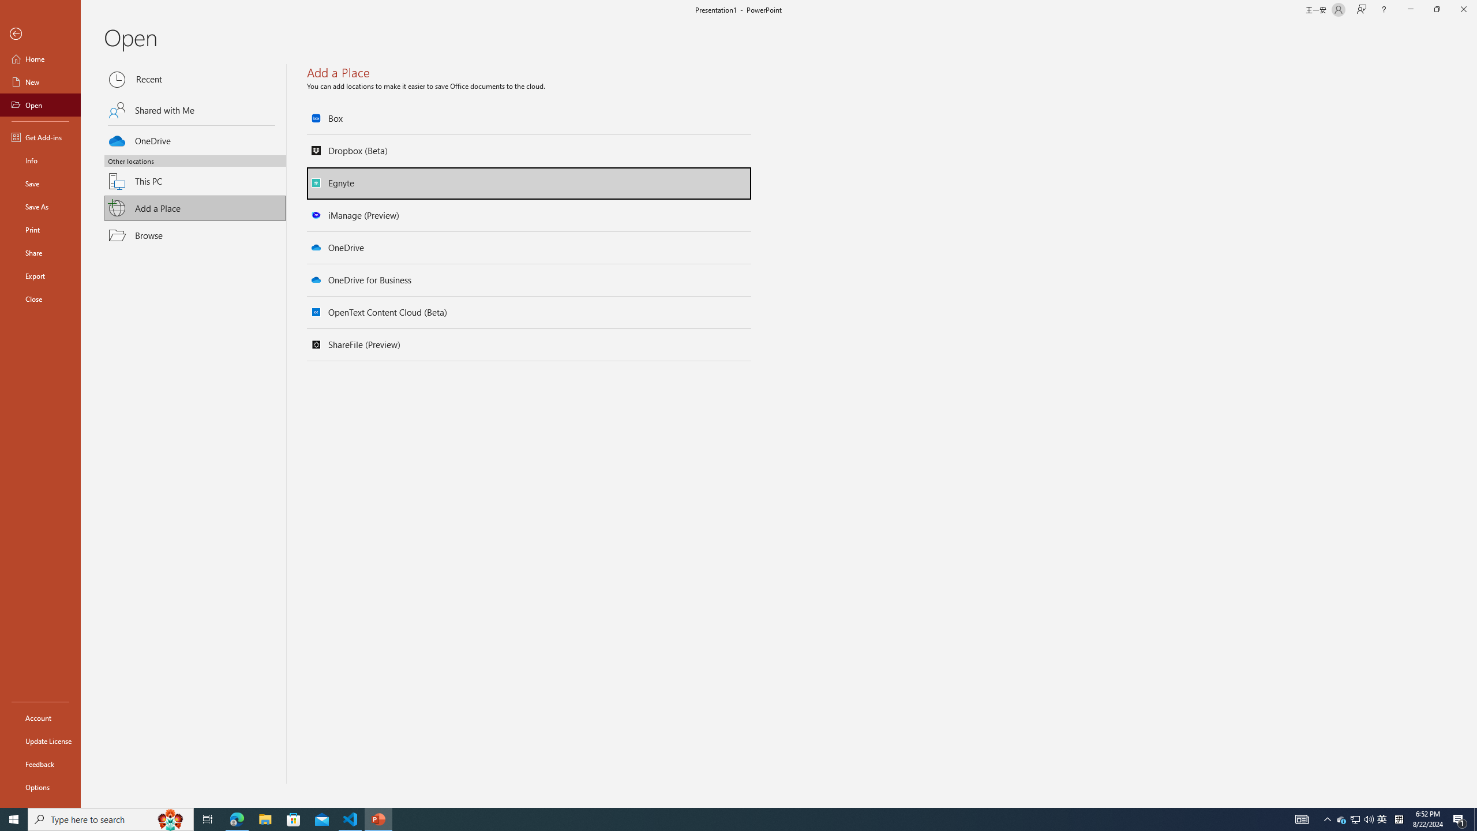 The height and width of the screenshot is (831, 1477). Describe the element at coordinates (40, 276) in the screenshot. I see `'Export'` at that location.